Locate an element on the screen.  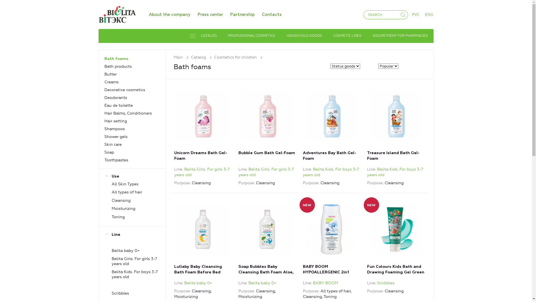
'Butter' is located at coordinates (110, 74).